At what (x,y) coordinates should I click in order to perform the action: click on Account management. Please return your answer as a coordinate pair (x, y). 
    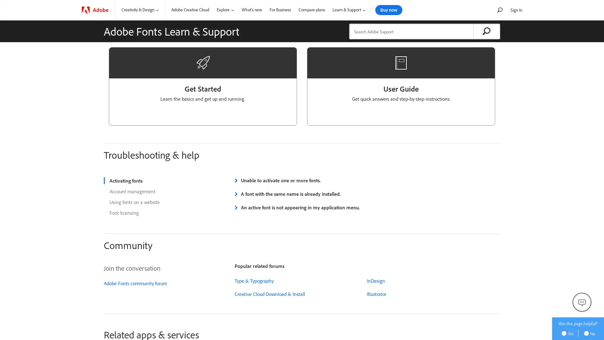
    Looking at the image, I should click on (157, 191).